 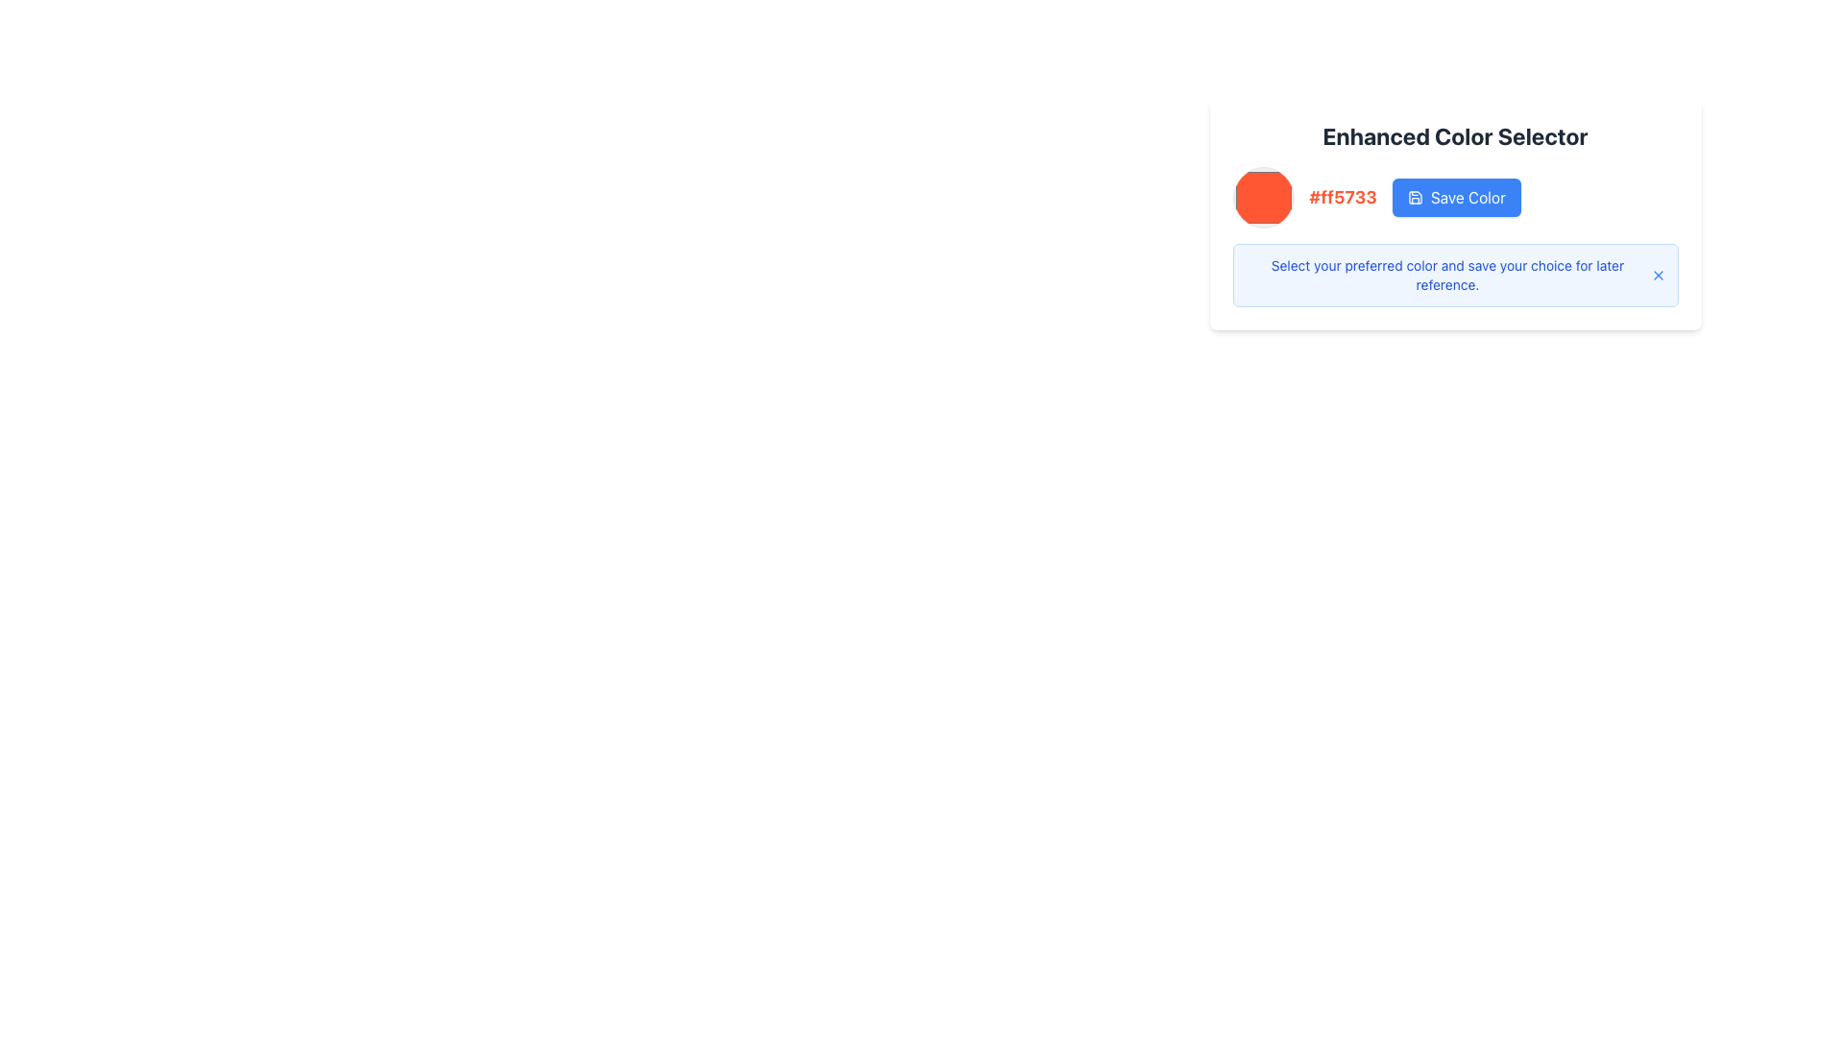 What do you see at coordinates (1342, 197) in the screenshot?
I see `the text label displaying the color value '#ff5733', which is located below the circular color swatch and to the left of the 'Save Color' button in the 'Enhanced Color Selector' section` at bounding box center [1342, 197].